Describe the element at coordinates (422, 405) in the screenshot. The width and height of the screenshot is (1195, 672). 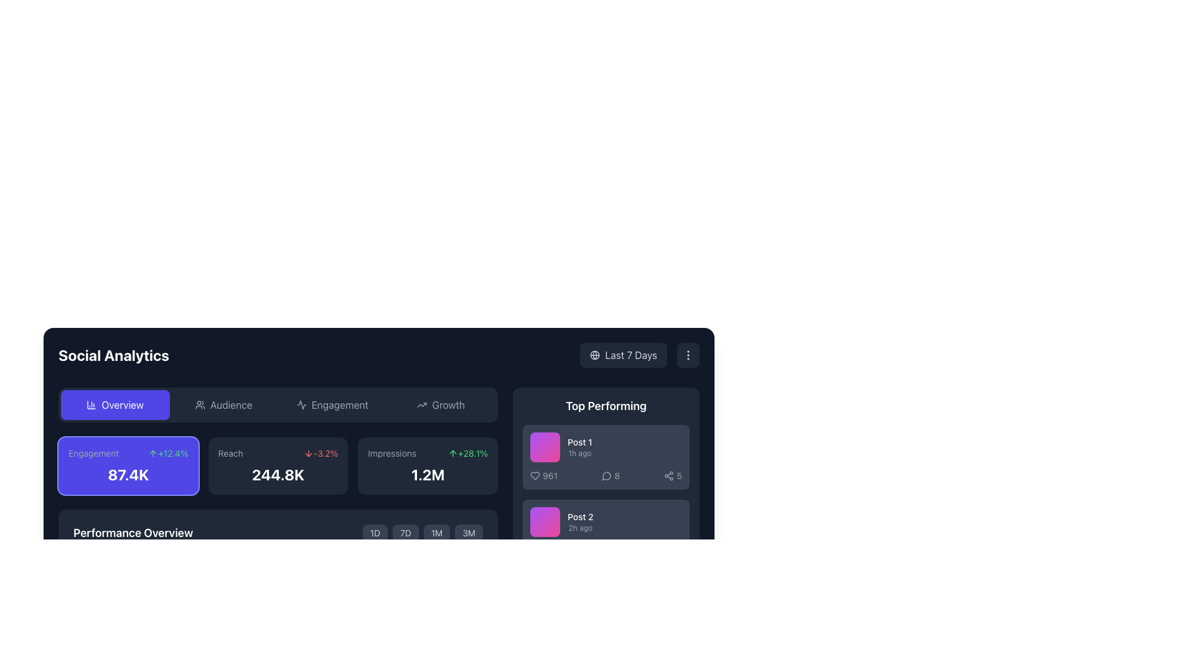
I see `the 'Growth' button in the top navigation bar, which contains an upward trending arrow icon adjacent to the text 'Growth'` at that location.